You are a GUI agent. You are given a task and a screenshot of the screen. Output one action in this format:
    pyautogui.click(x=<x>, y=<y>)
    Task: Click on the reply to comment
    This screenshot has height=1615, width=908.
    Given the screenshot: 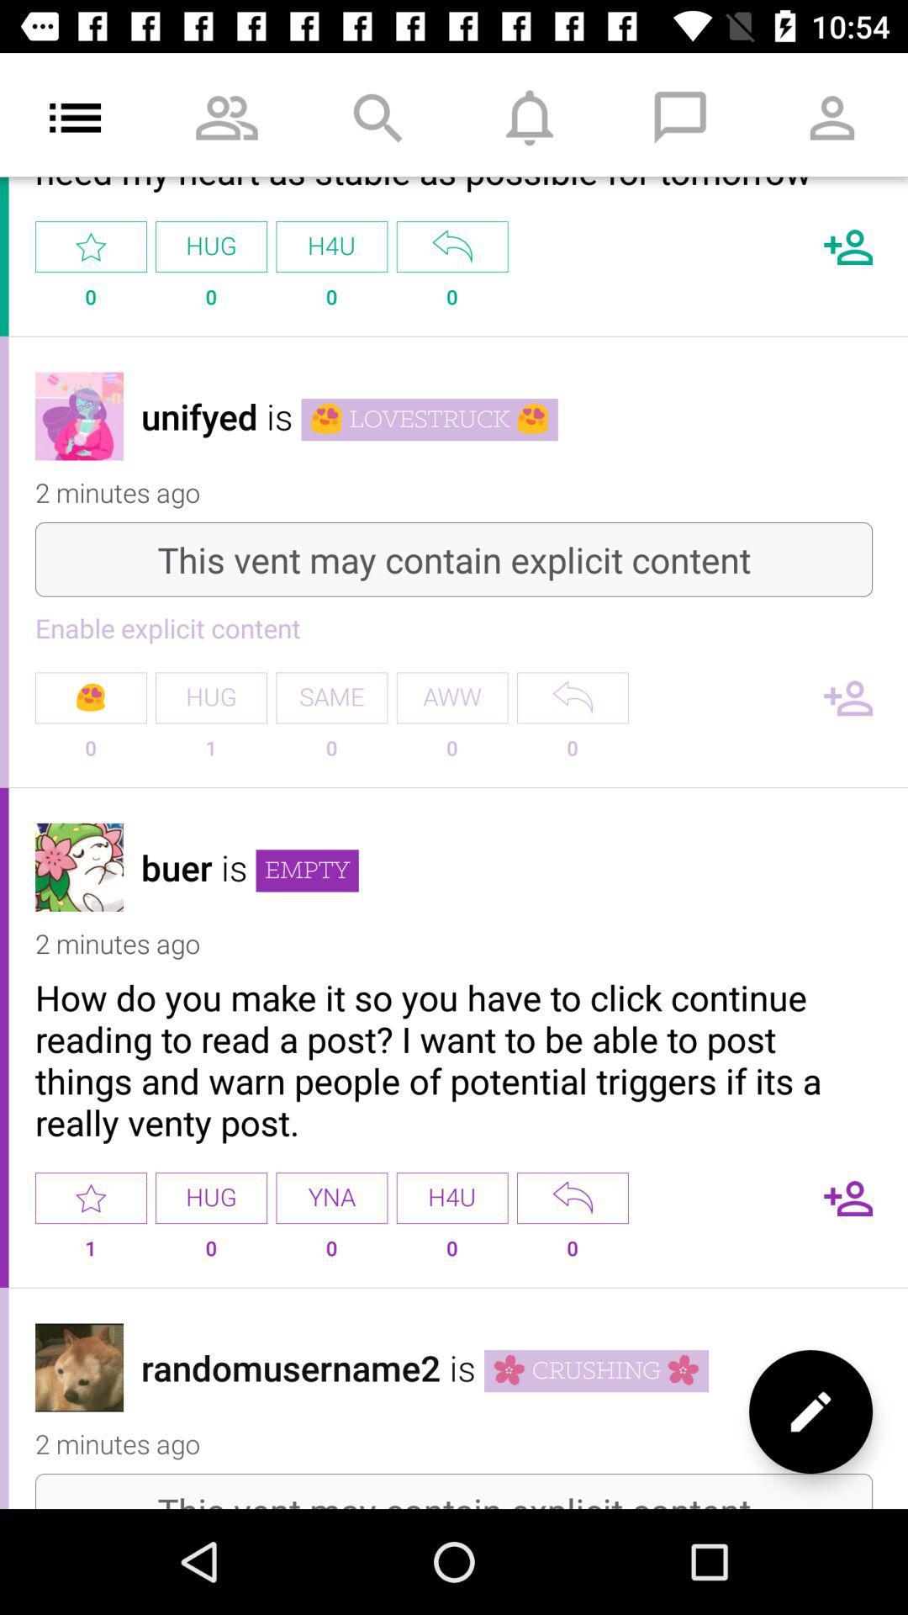 What is the action you would take?
    pyautogui.click(x=572, y=1197)
    